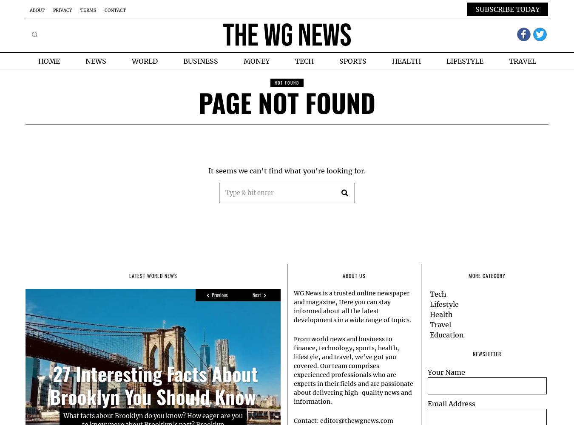 The height and width of the screenshot is (425, 574). What do you see at coordinates (354, 275) in the screenshot?
I see `'About us'` at bounding box center [354, 275].